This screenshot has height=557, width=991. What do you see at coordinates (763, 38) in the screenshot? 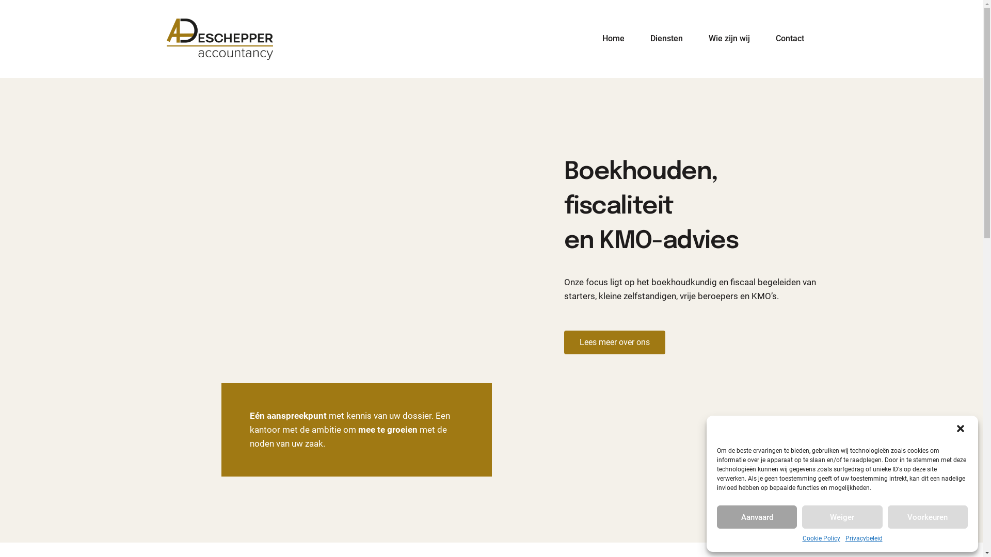
I see `'Contact'` at bounding box center [763, 38].